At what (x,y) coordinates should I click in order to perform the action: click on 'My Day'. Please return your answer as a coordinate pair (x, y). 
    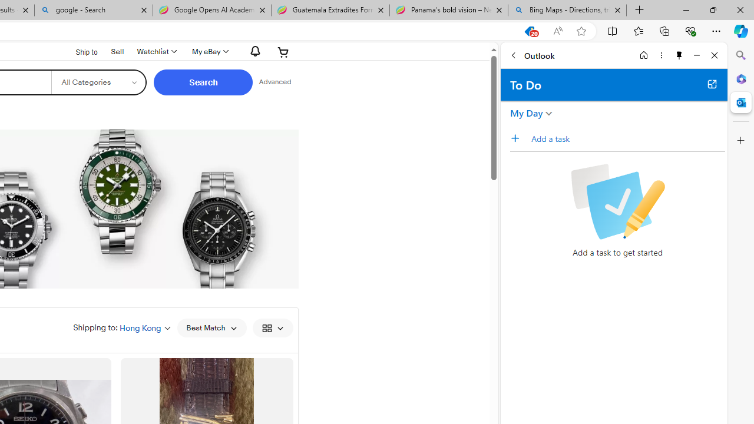
    Looking at the image, I should click on (526, 112).